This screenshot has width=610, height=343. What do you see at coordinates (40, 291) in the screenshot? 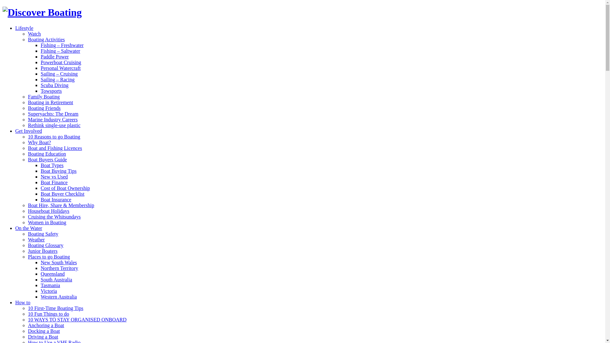
I see `'Victoria'` at bounding box center [40, 291].